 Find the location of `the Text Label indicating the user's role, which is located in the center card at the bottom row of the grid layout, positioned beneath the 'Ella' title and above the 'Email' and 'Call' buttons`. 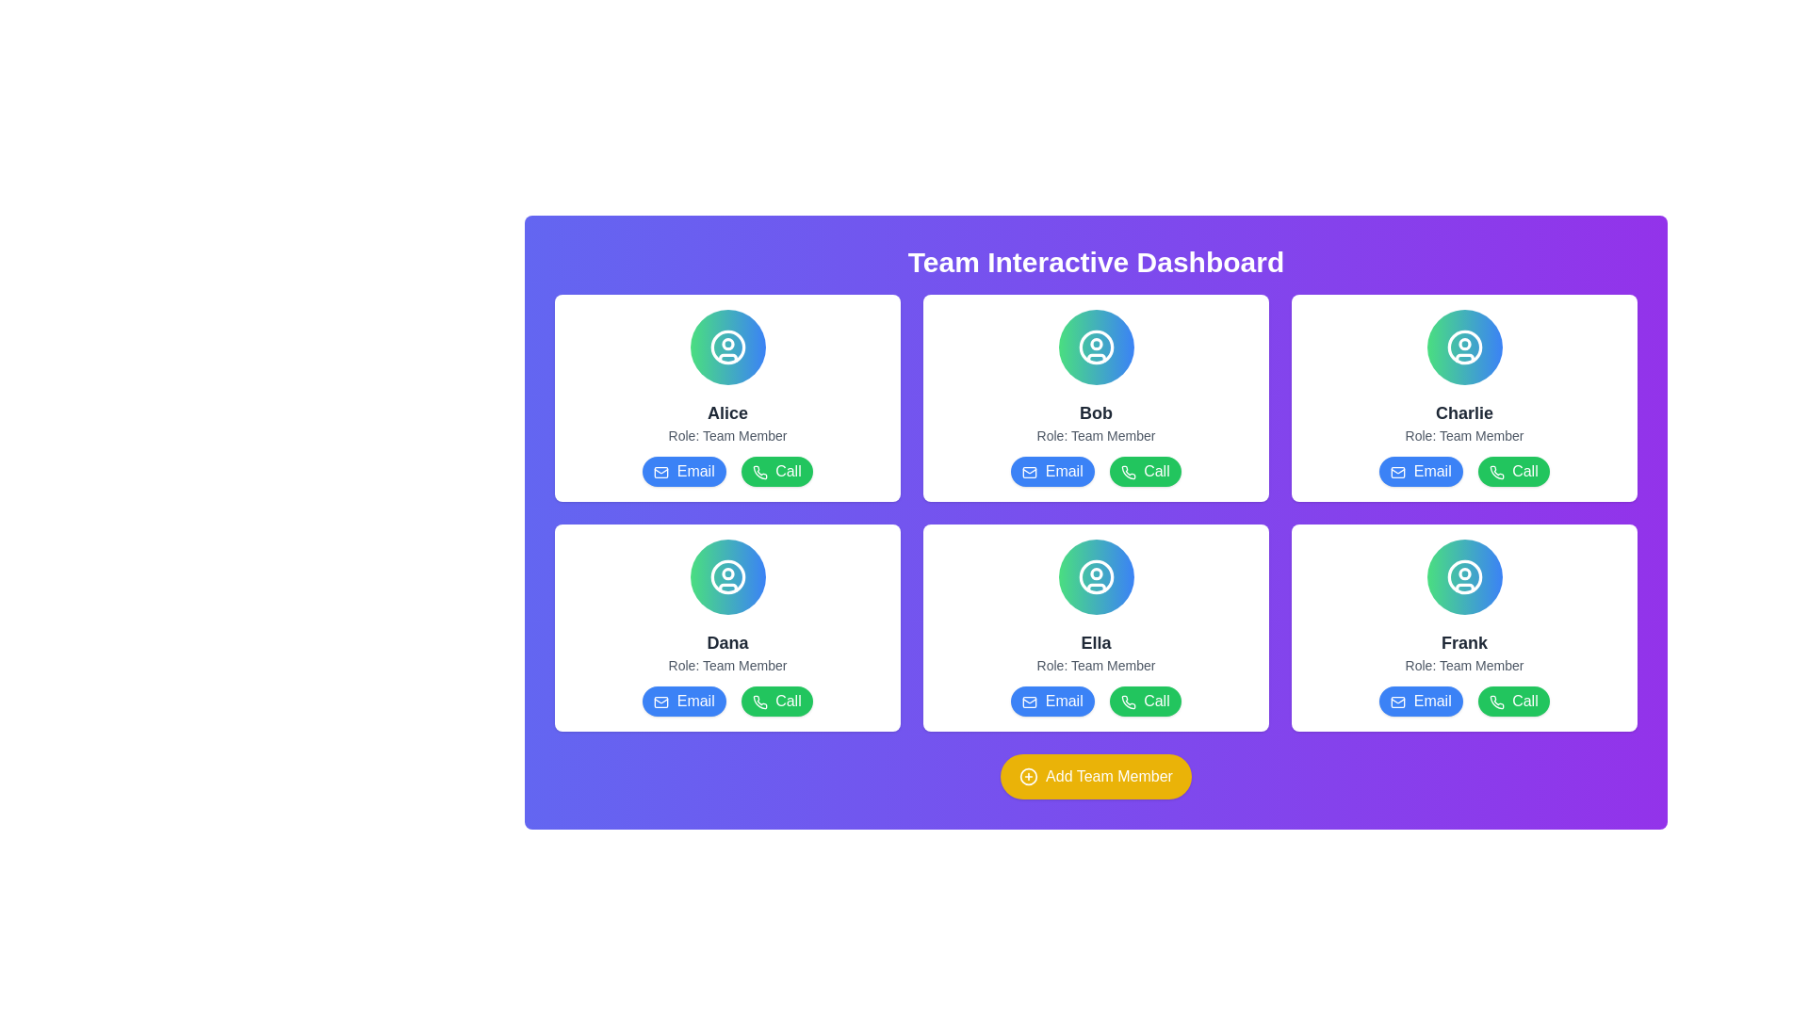

the Text Label indicating the user's role, which is located in the center card at the bottom row of the grid layout, positioned beneath the 'Ella' title and above the 'Email' and 'Call' buttons is located at coordinates (1096, 664).